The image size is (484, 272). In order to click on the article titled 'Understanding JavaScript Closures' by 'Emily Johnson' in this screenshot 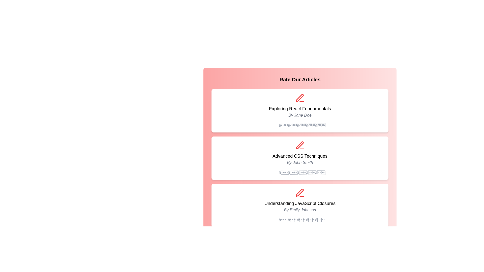, I will do `click(300, 203)`.